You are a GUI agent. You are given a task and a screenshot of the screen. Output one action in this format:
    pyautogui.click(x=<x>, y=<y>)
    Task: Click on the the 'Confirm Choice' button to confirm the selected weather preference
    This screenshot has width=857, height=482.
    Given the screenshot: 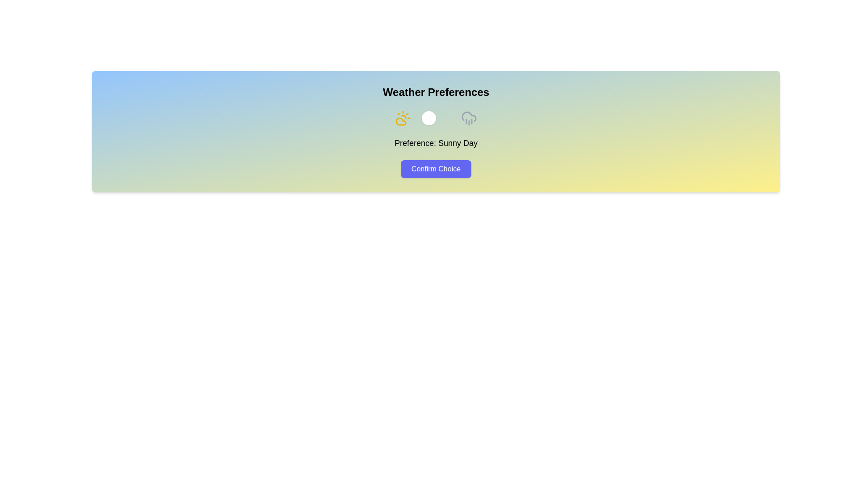 What is the action you would take?
    pyautogui.click(x=435, y=169)
    